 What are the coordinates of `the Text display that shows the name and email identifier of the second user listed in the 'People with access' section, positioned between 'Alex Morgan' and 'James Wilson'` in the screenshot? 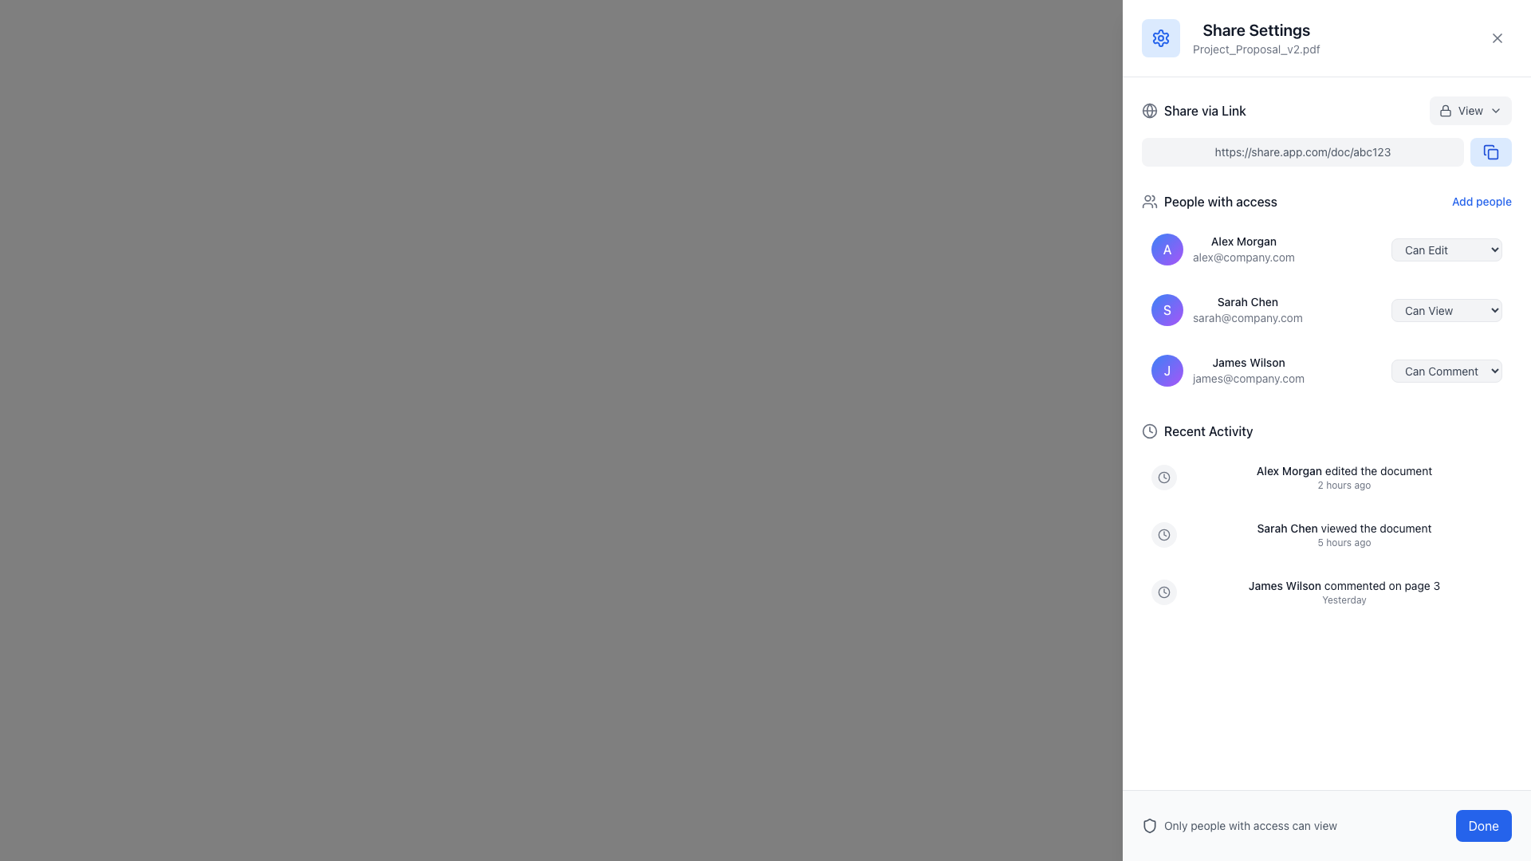 It's located at (1246, 310).